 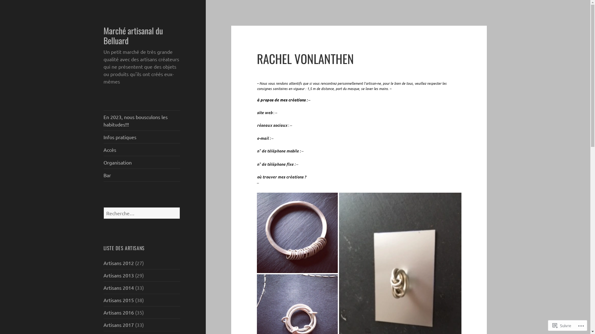 What do you see at coordinates (141, 137) in the screenshot?
I see `'Infos pratiques'` at bounding box center [141, 137].